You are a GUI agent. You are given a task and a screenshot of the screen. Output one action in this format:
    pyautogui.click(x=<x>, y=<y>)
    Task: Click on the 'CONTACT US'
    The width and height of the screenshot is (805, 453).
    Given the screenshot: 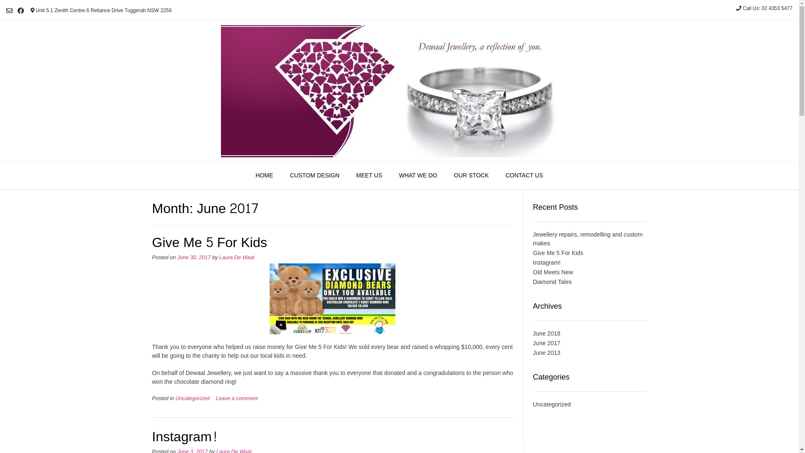 What is the action you would take?
    pyautogui.click(x=524, y=175)
    